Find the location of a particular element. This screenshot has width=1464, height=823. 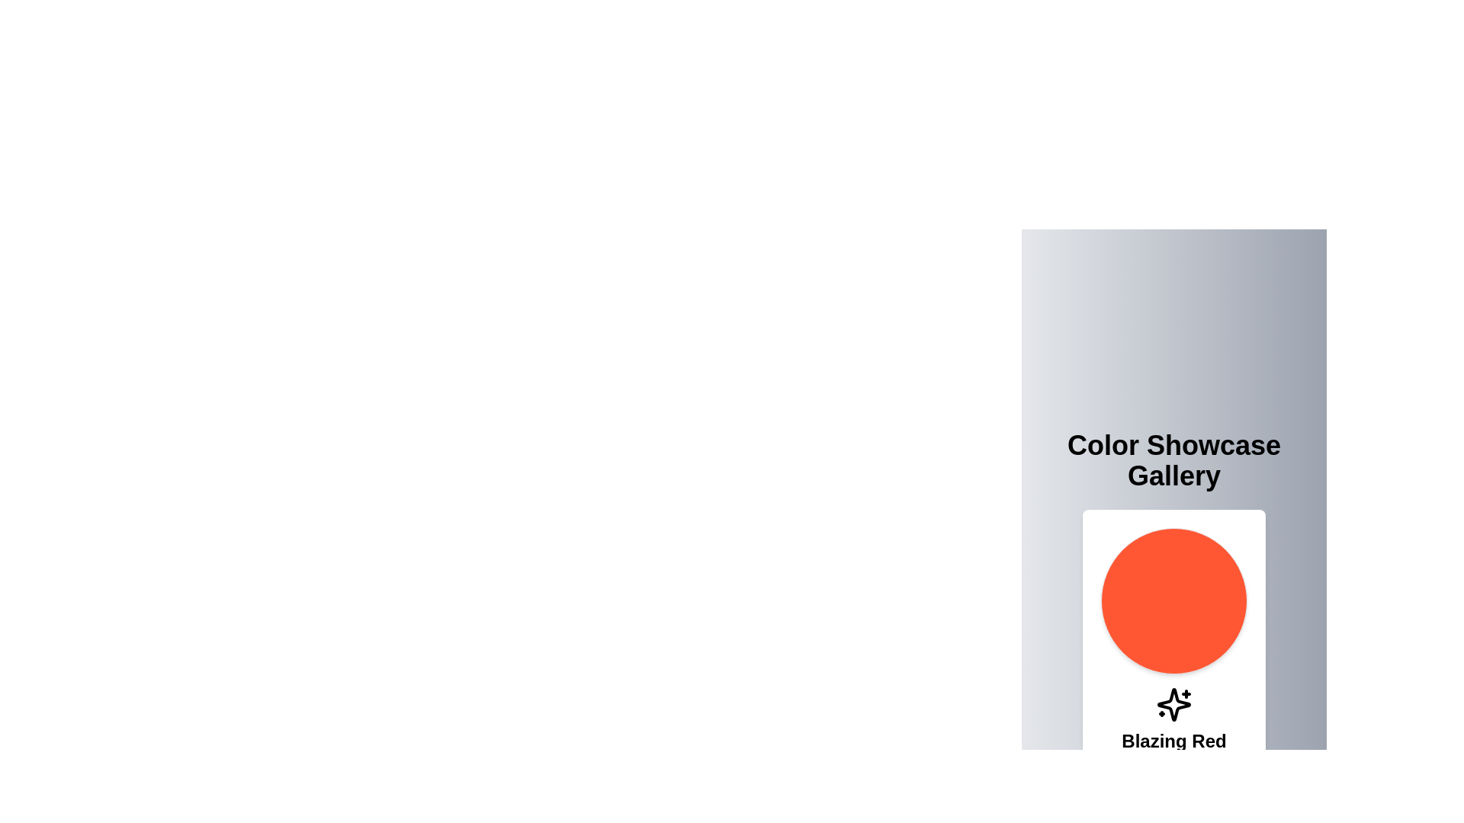

the central star-like decorative icon associated with the 'Blazing Red' label is located at coordinates (1173, 705).